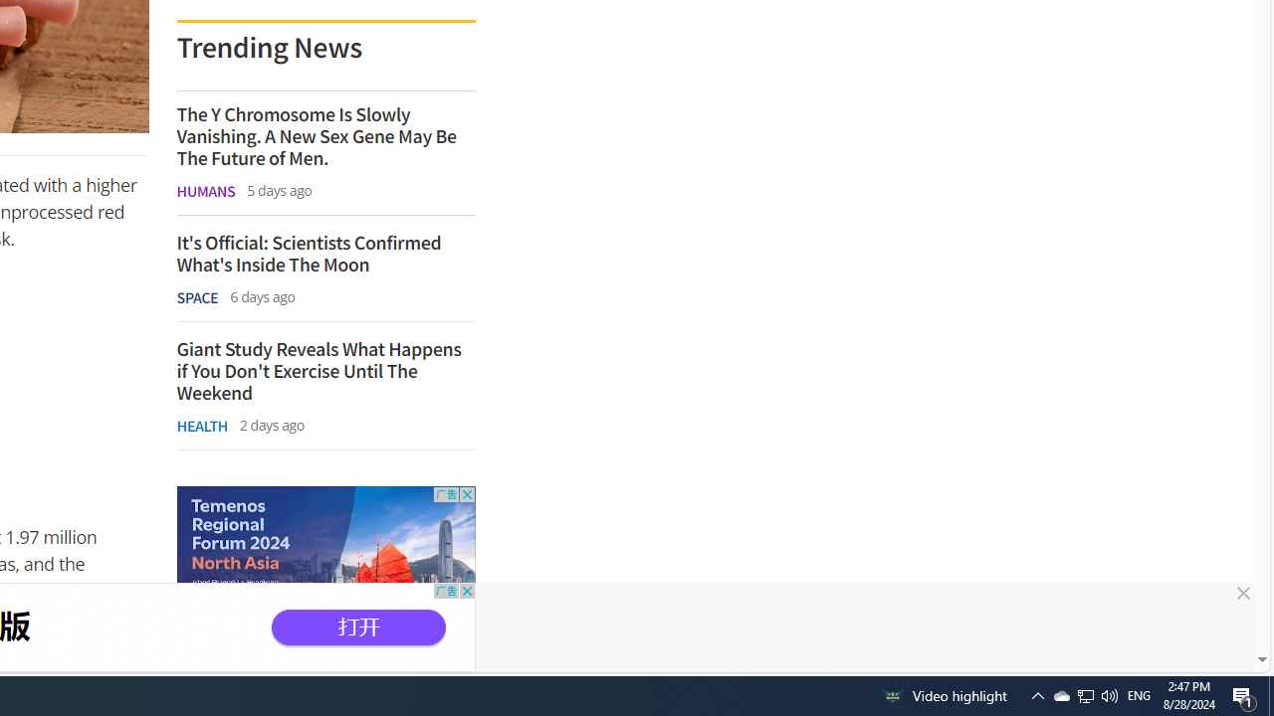 Image resolution: width=1274 pixels, height=716 pixels. I want to click on 'HEALTH', so click(201, 425).